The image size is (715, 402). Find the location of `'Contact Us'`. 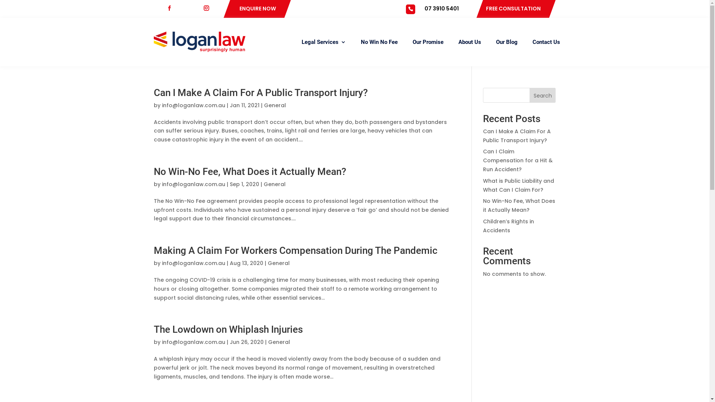

'Contact Us' is located at coordinates (546, 42).